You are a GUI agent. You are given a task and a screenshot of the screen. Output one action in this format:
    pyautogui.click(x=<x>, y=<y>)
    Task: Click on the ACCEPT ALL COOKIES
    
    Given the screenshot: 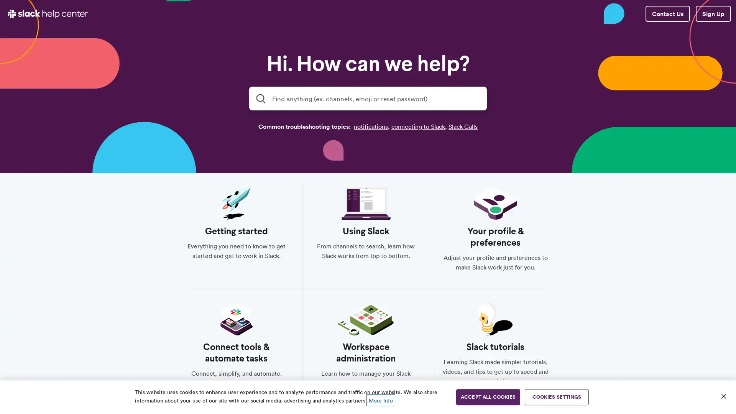 What is the action you would take?
    pyautogui.click(x=488, y=397)
    